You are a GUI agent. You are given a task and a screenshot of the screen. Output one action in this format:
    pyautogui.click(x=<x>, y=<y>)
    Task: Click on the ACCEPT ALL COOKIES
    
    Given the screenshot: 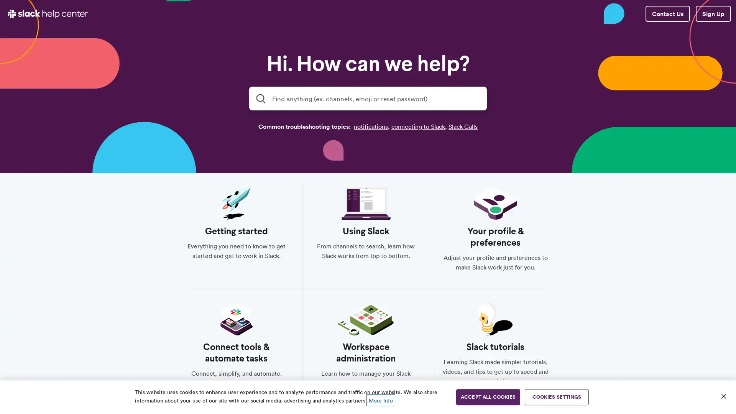 What is the action you would take?
    pyautogui.click(x=488, y=397)
    